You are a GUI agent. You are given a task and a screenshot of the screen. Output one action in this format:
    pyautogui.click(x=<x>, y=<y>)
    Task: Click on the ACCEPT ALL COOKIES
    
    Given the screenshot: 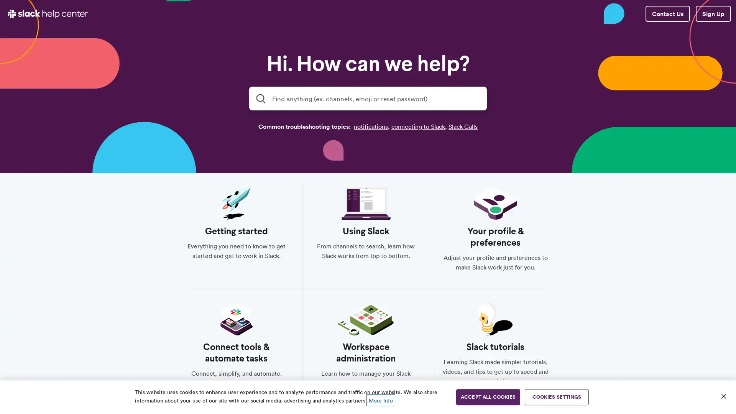 What is the action you would take?
    pyautogui.click(x=488, y=397)
    